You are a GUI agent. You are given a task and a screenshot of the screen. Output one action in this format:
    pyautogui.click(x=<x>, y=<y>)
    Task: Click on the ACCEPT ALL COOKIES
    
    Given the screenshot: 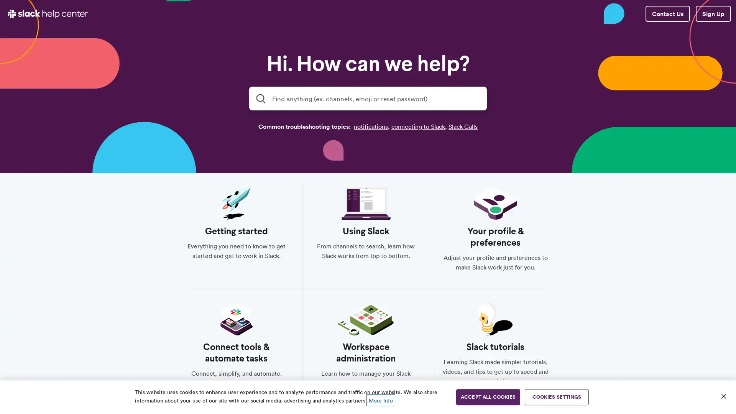 What is the action you would take?
    pyautogui.click(x=488, y=397)
    